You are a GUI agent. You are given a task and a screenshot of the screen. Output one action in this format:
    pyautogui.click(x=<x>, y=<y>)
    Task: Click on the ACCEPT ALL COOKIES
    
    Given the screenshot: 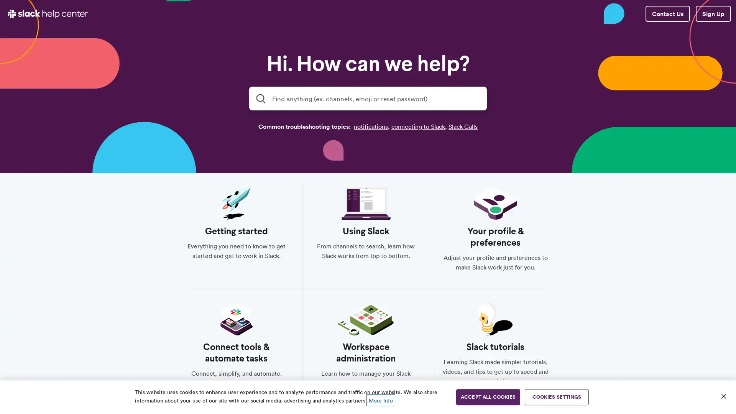 What is the action you would take?
    pyautogui.click(x=488, y=397)
    